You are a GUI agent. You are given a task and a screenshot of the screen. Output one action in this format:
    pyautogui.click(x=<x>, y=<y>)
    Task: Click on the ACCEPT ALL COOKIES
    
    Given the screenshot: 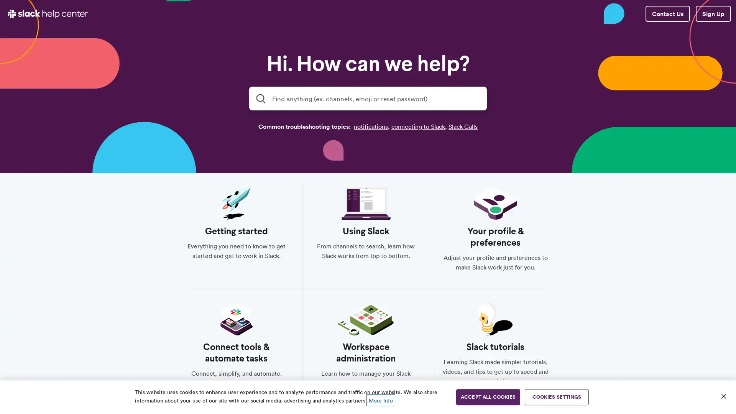 What is the action you would take?
    pyautogui.click(x=488, y=397)
    